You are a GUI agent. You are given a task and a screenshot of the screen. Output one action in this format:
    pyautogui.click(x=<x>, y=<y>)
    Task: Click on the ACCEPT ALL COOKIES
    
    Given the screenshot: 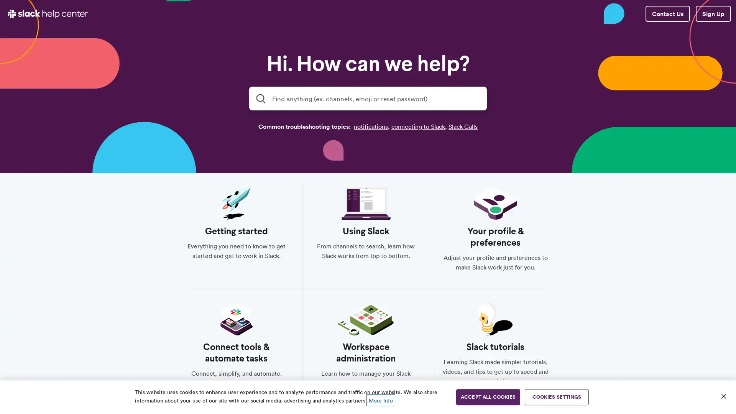 What is the action you would take?
    pyautogui.click(x=488, y=397)
    